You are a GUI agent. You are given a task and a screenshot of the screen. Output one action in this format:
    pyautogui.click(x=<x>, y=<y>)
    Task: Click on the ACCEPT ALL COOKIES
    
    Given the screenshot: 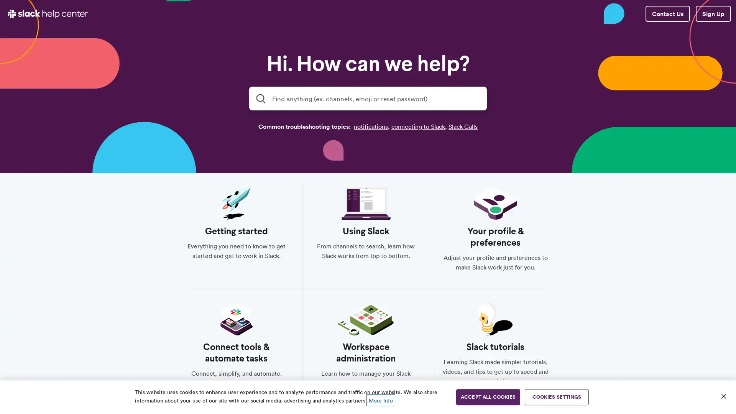 What is the action you would take?
    pyautogui.click(x=488, y=397)
    